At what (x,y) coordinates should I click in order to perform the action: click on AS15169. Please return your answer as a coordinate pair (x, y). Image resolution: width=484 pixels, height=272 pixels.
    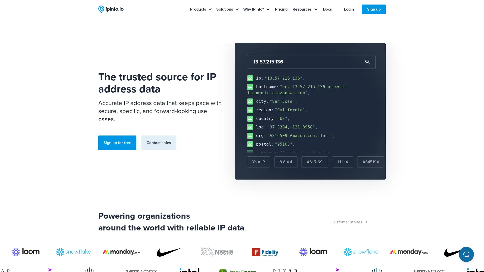
    Looking at the image, I should click on (314, 162).